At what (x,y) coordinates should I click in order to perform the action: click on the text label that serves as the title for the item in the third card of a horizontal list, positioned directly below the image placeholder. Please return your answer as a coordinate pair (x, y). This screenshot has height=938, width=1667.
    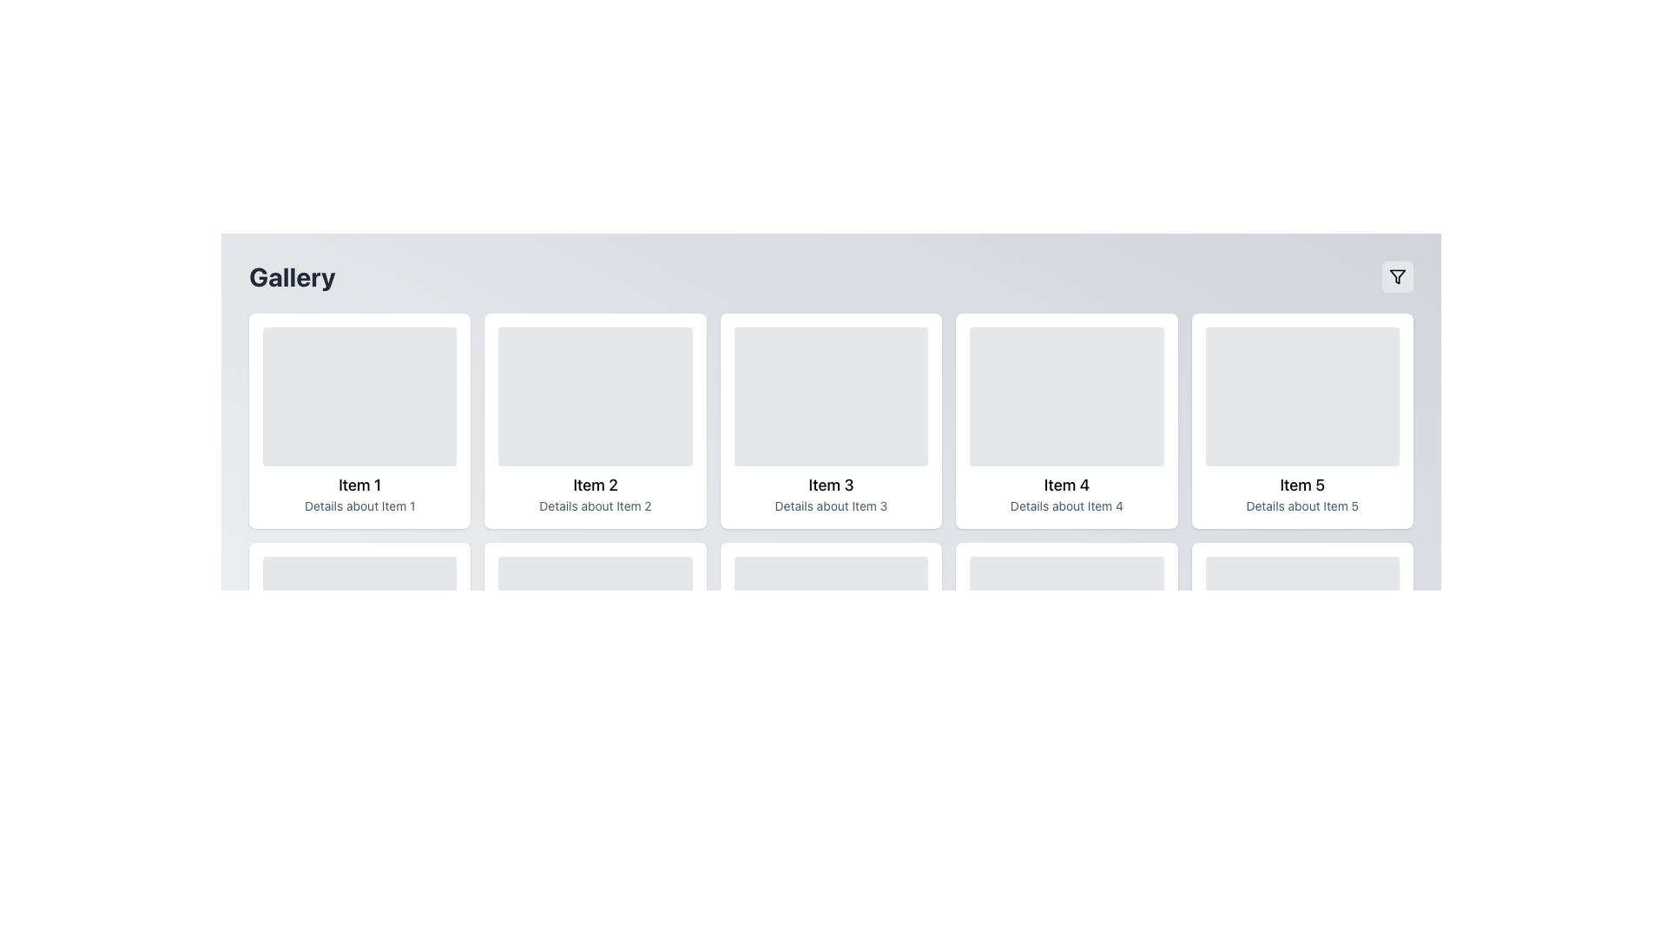
    Looking at the image, I should click on (830, 486).